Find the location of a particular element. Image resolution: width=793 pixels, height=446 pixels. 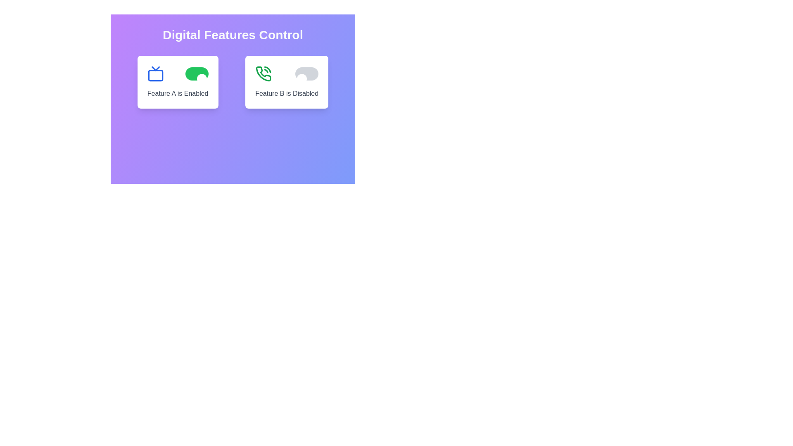

the television icon with a blue outline located in the first card of the 'Digital Features Control' section, above the text 'Feature A is Enabled' and to the left of the green toggle switch is located at coordinates (155, 73).